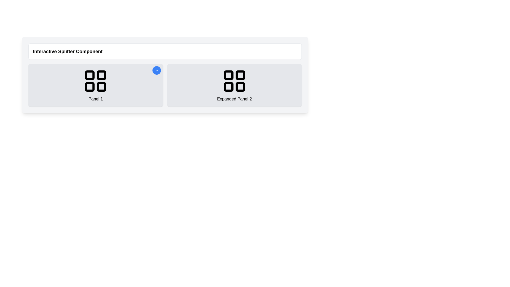 This screenshot has width=510, height=287. Describe the element at coordinates (234, 85) in the screenshot. I see `the Informational Panel labeled 'Expanded Panel 2', which features a centered four-square grid icon and is located in the right half of the grid layout` at that location.